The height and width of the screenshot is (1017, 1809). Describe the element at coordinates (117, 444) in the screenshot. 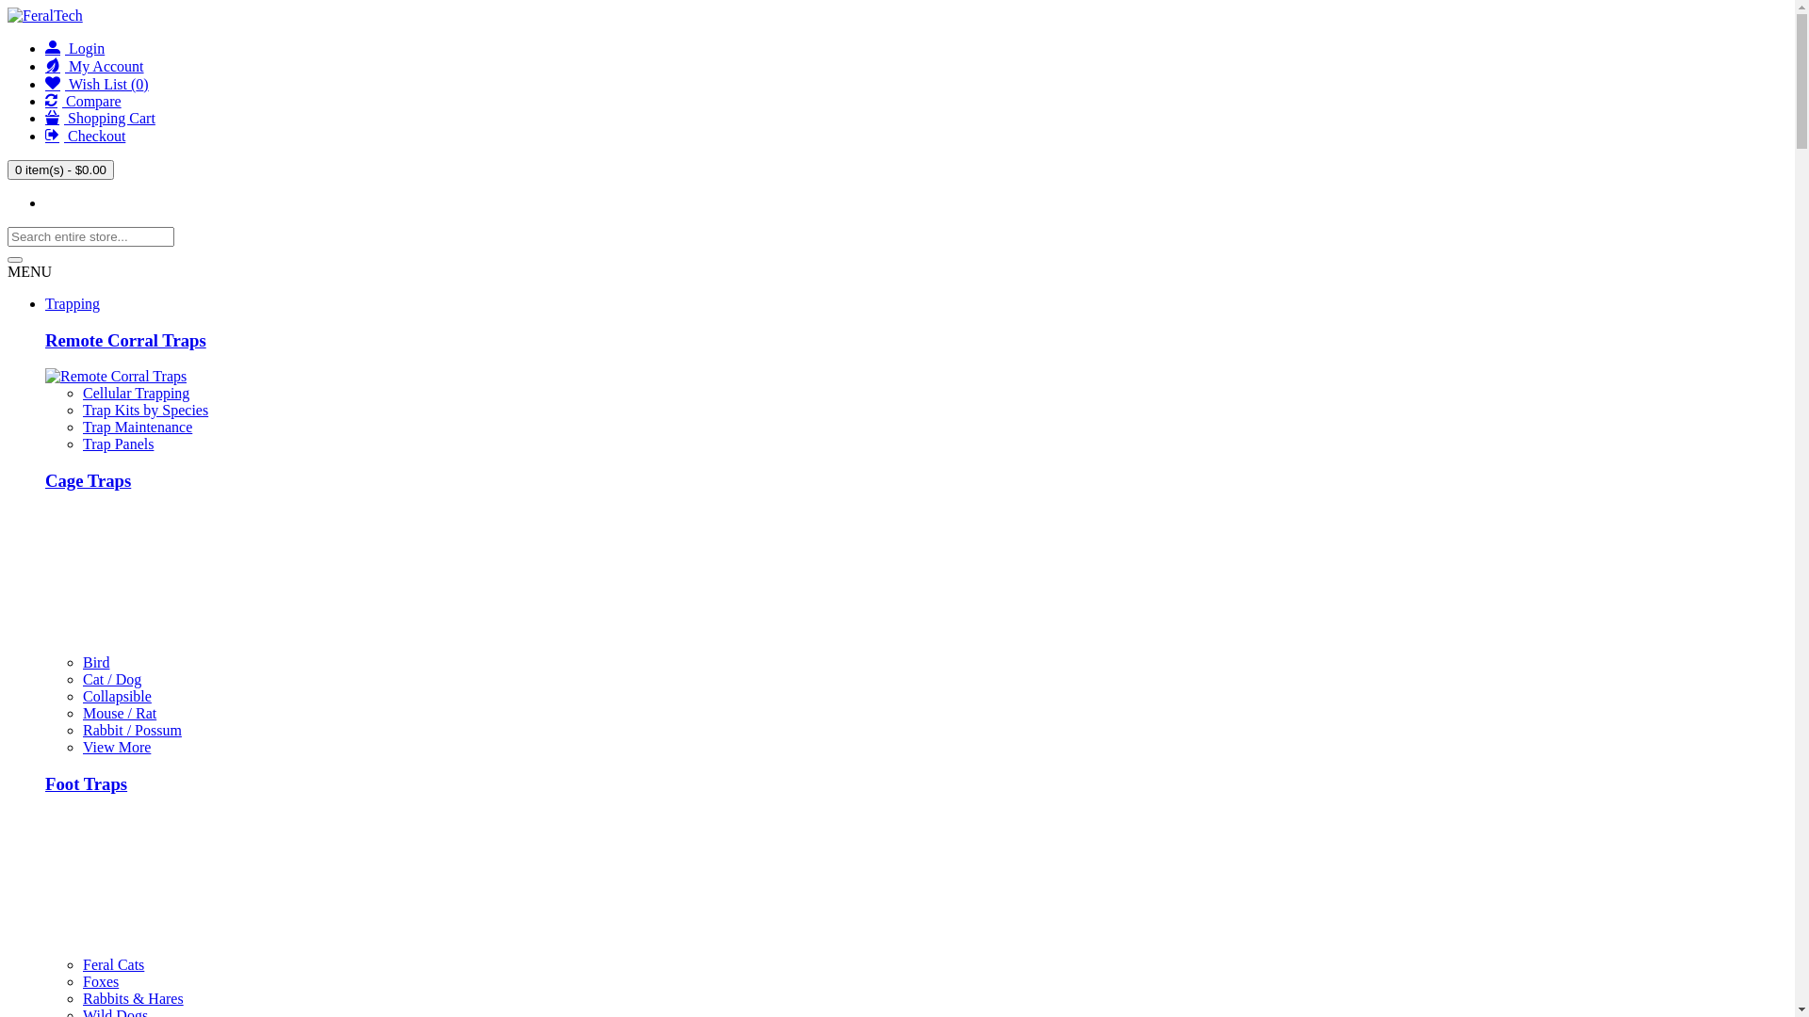

I see `'Trap Panels'` at that location.